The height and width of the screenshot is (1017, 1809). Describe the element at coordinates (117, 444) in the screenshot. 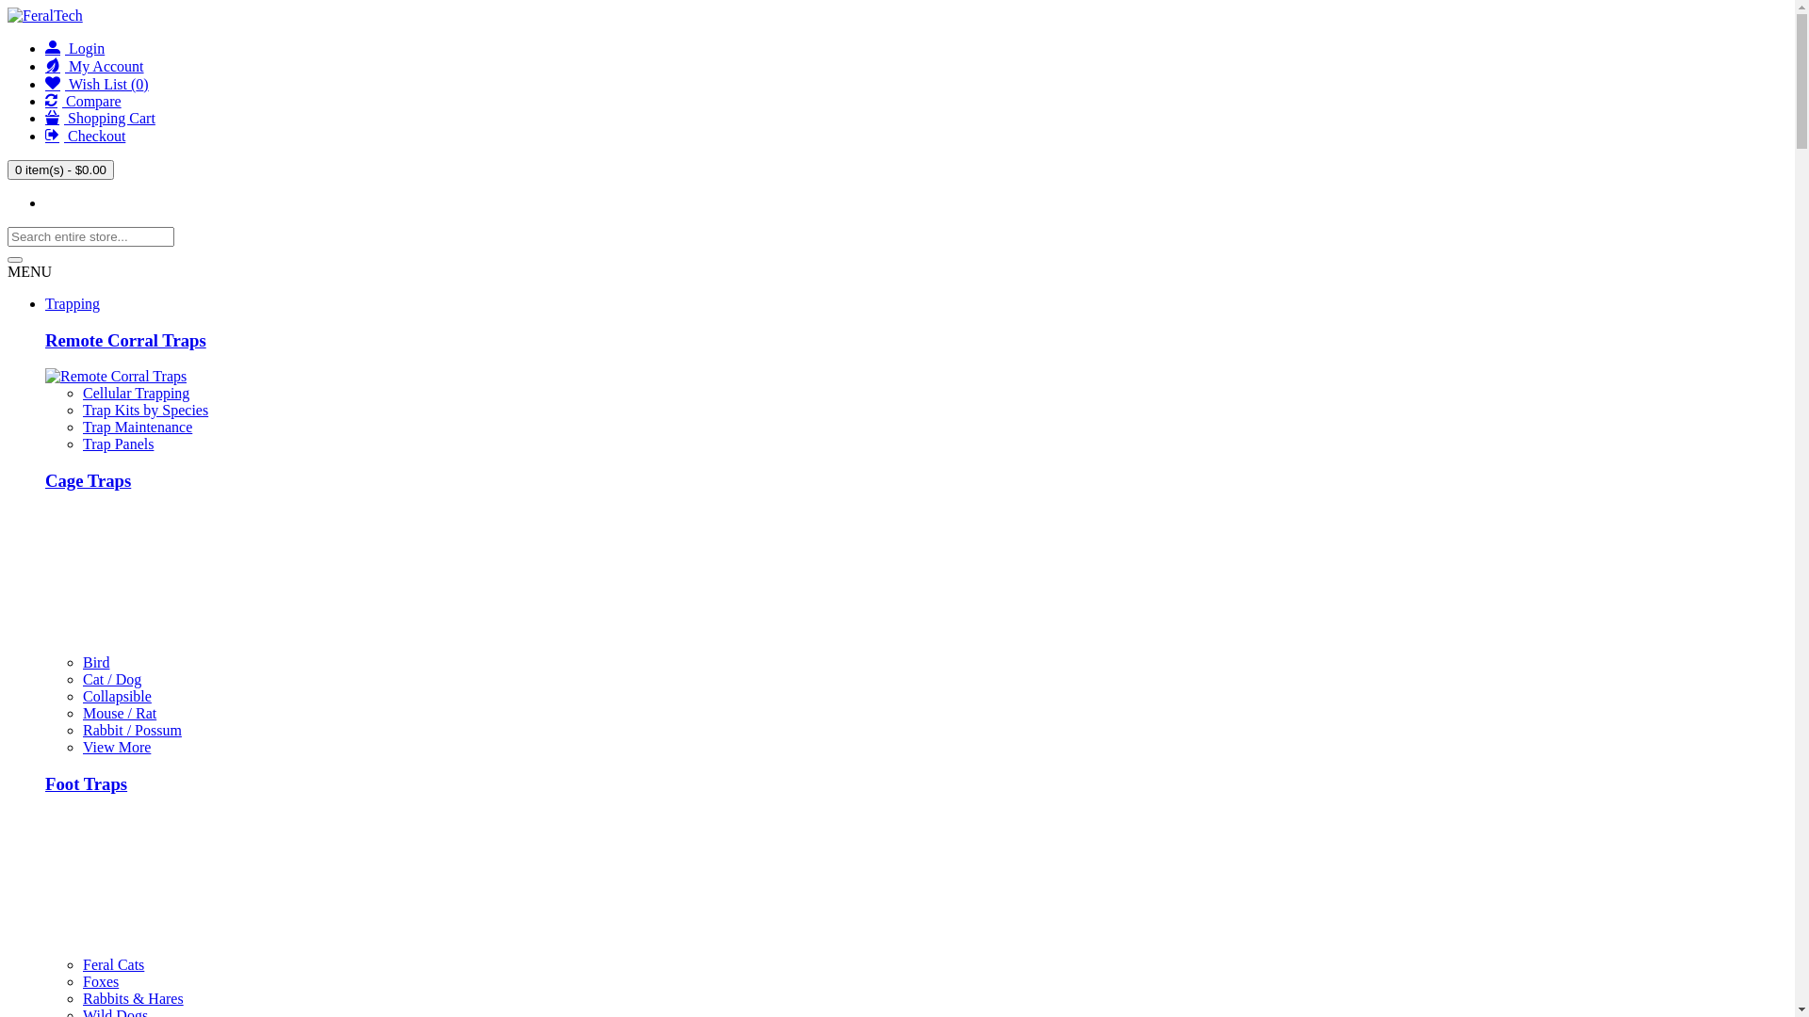

I see `'Trap Panels'` at that location.